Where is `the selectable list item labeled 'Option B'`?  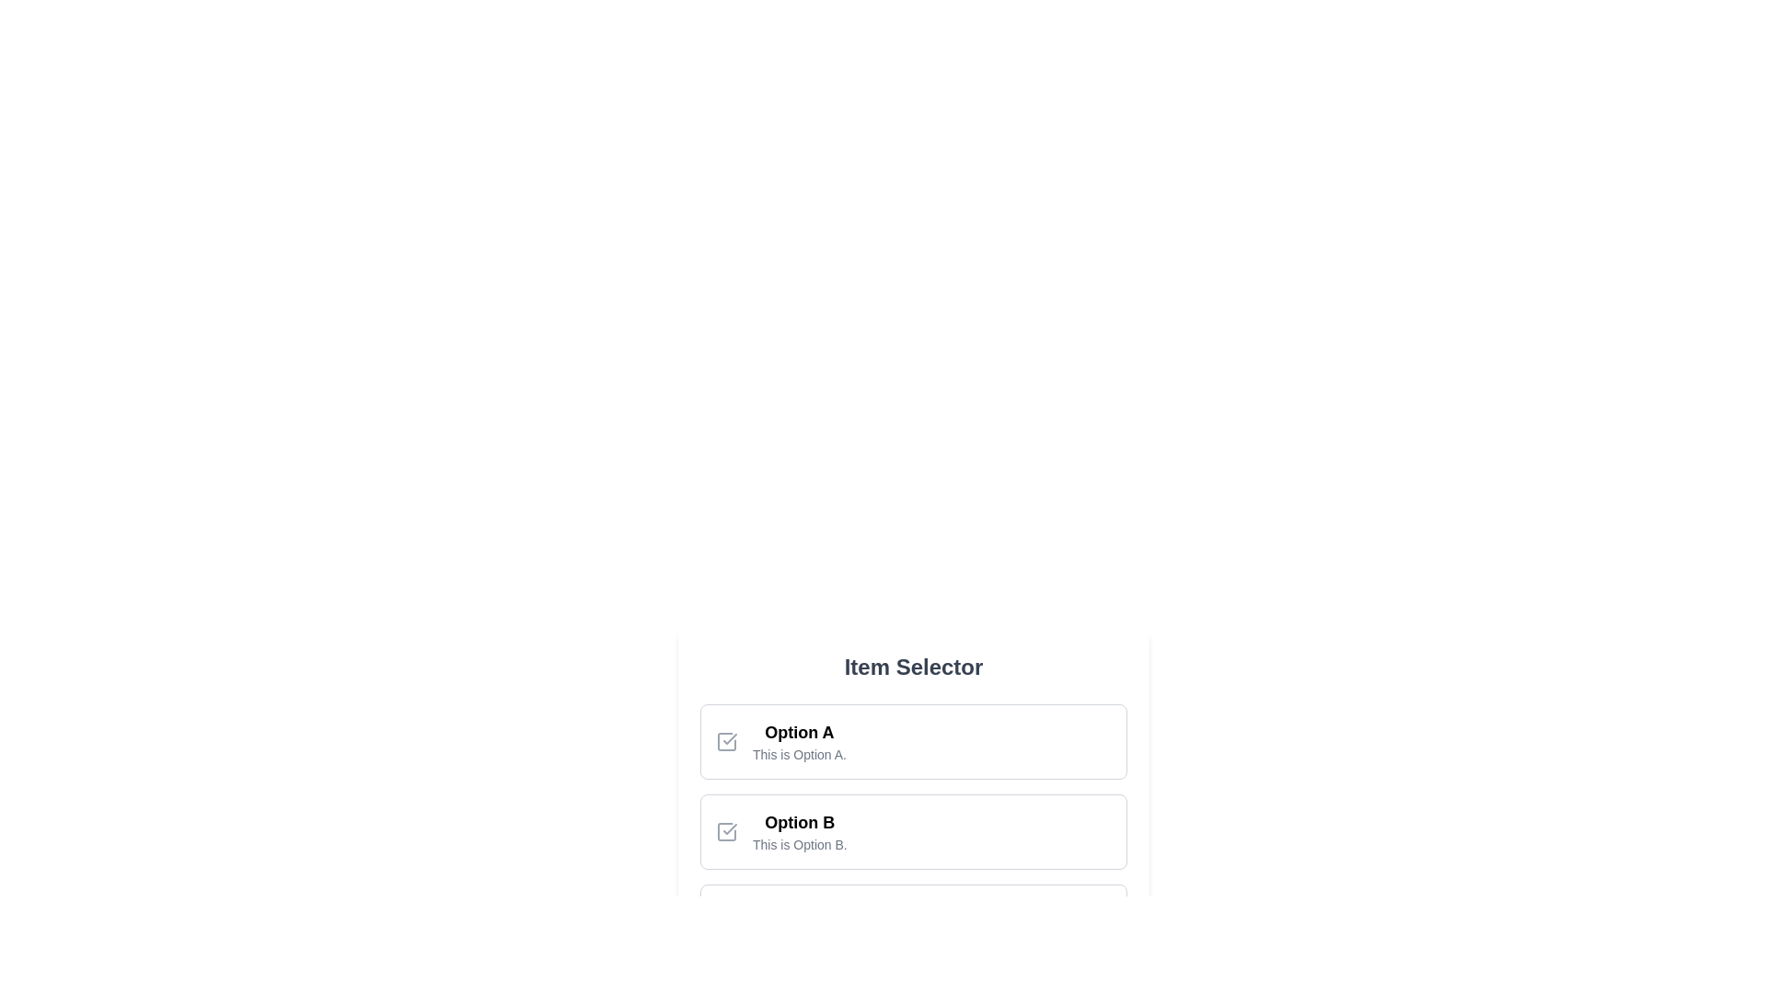 the selectable list item labeled 'Option B' is located at coordinates (914, 832).